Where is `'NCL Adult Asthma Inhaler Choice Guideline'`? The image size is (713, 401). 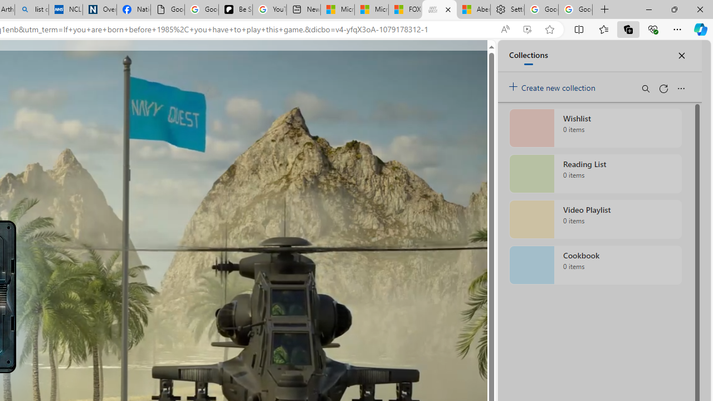
'NCL Adult Asthma Inhaler Choice Guideline' is located at coordinates (65, 9).